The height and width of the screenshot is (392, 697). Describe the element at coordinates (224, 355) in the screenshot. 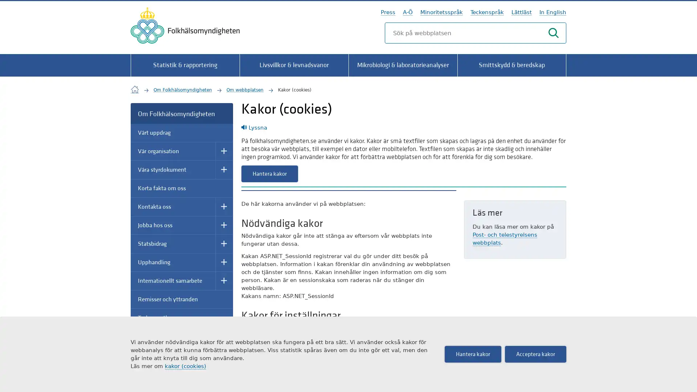

I see `Expandera` at that location.